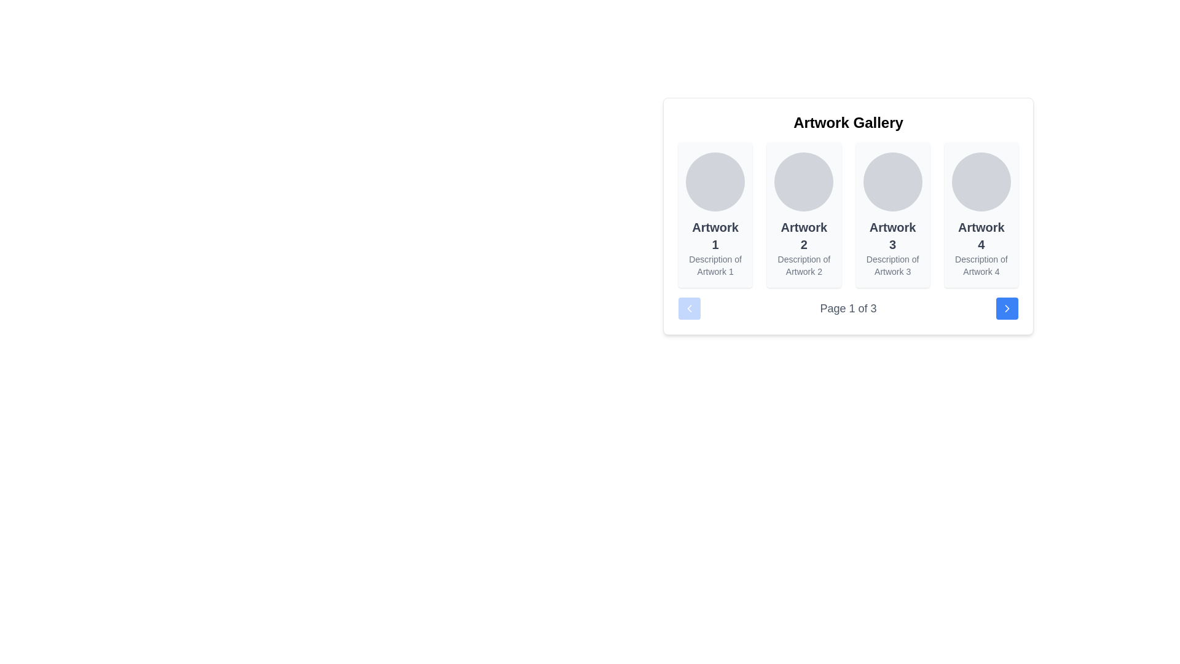 Image resolution: width=1180 pixels, height=664 pixels. I want to click on the rightward-pointing chevron icon embedded in the blue circular button at the rightmost end of the pagination control for keyboard interaction, so click(1007, 307).